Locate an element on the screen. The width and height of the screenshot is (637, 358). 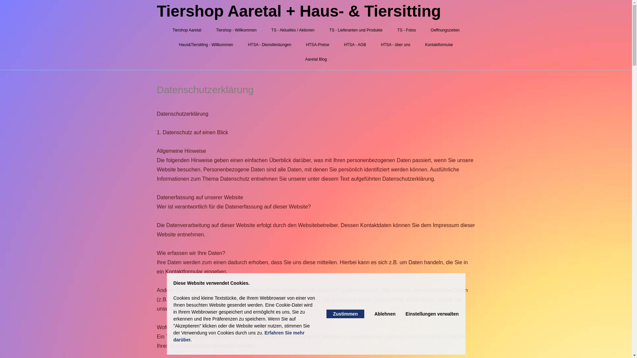
'Ablehnen' is located at coordinates (385, 314).